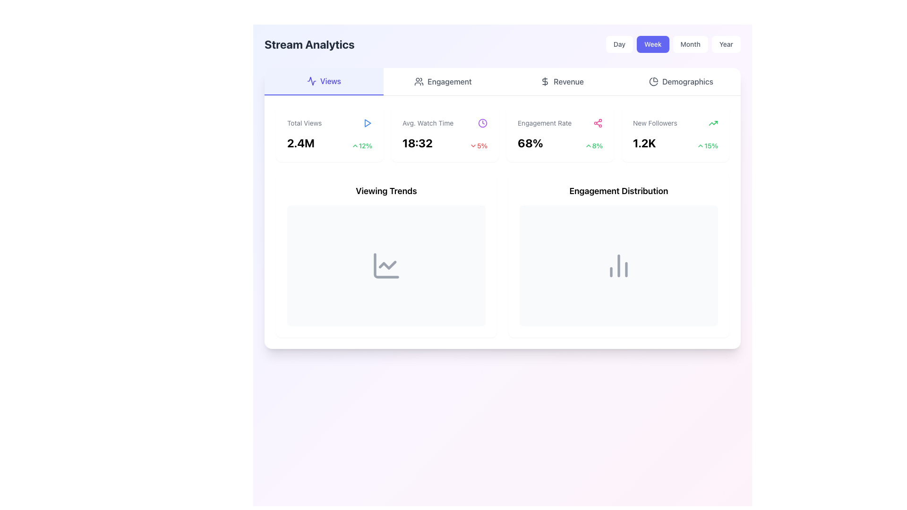  Describe the element at coordinates (687, 81) in the screenshot. I see `the navigation label located on the right side of the top navigation bar, next to a pie chart icon` at that location.